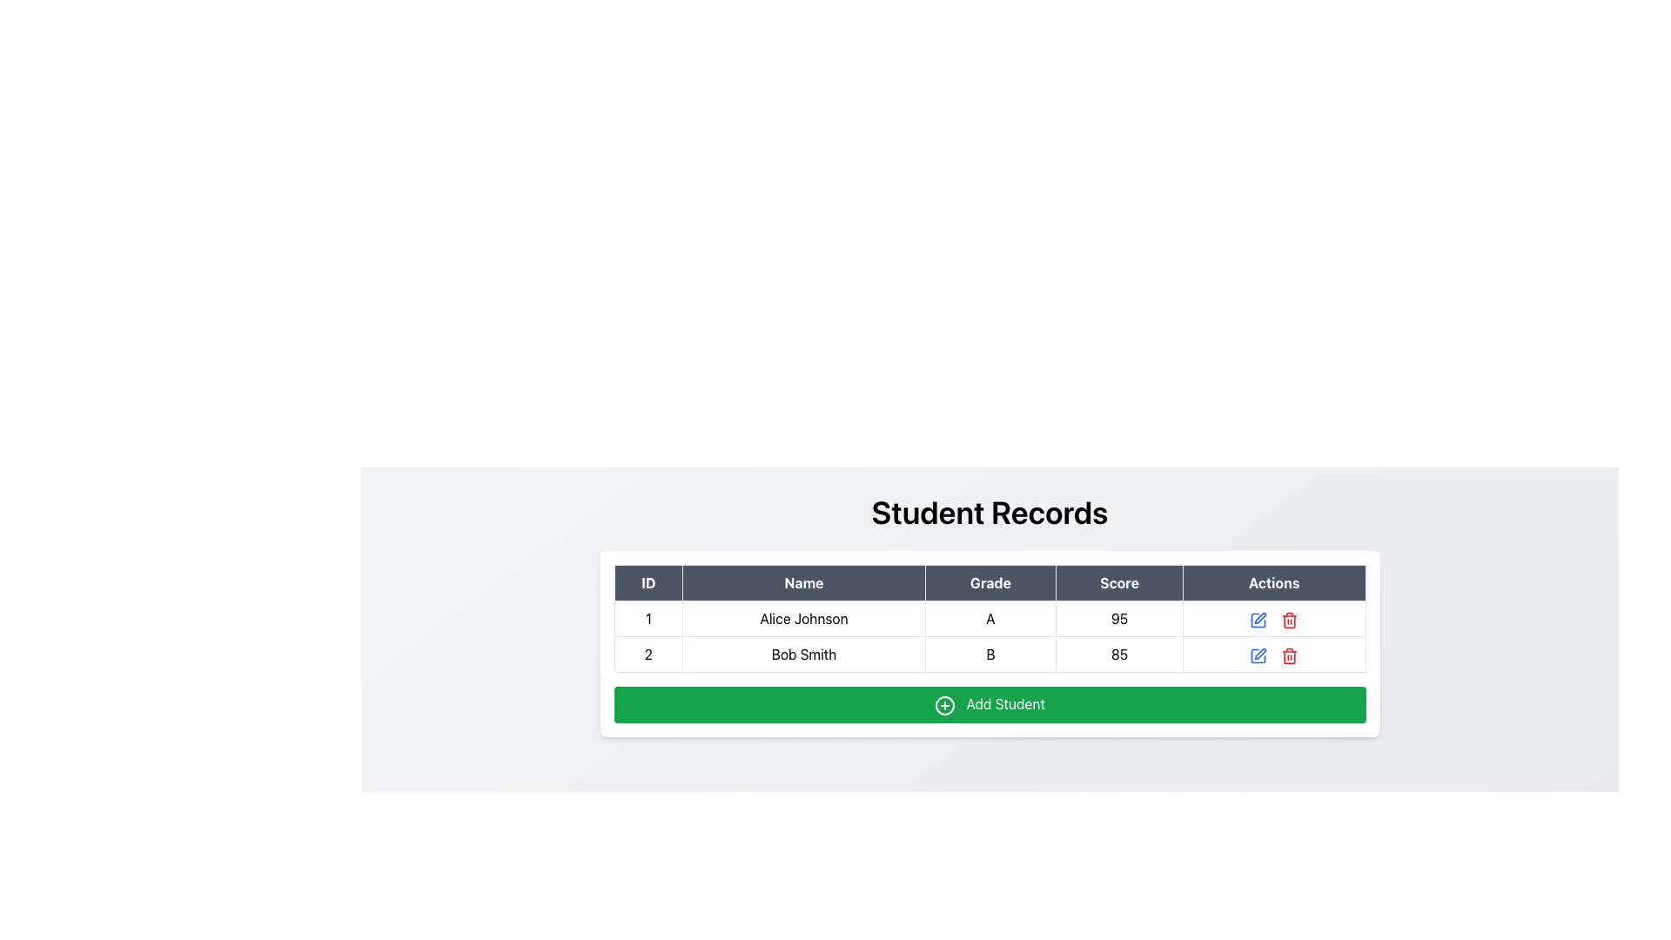 This screenshot has width=1671, height=940. What do you see at coordinates (990, 583) in the screenshot?
I see `text displayed in the 'Grade' text label, which is the third column header in a data table styled with a dark gray background and white text, positioned between the 'Name' and 'Score' headers` at bounding box center [990, 583].